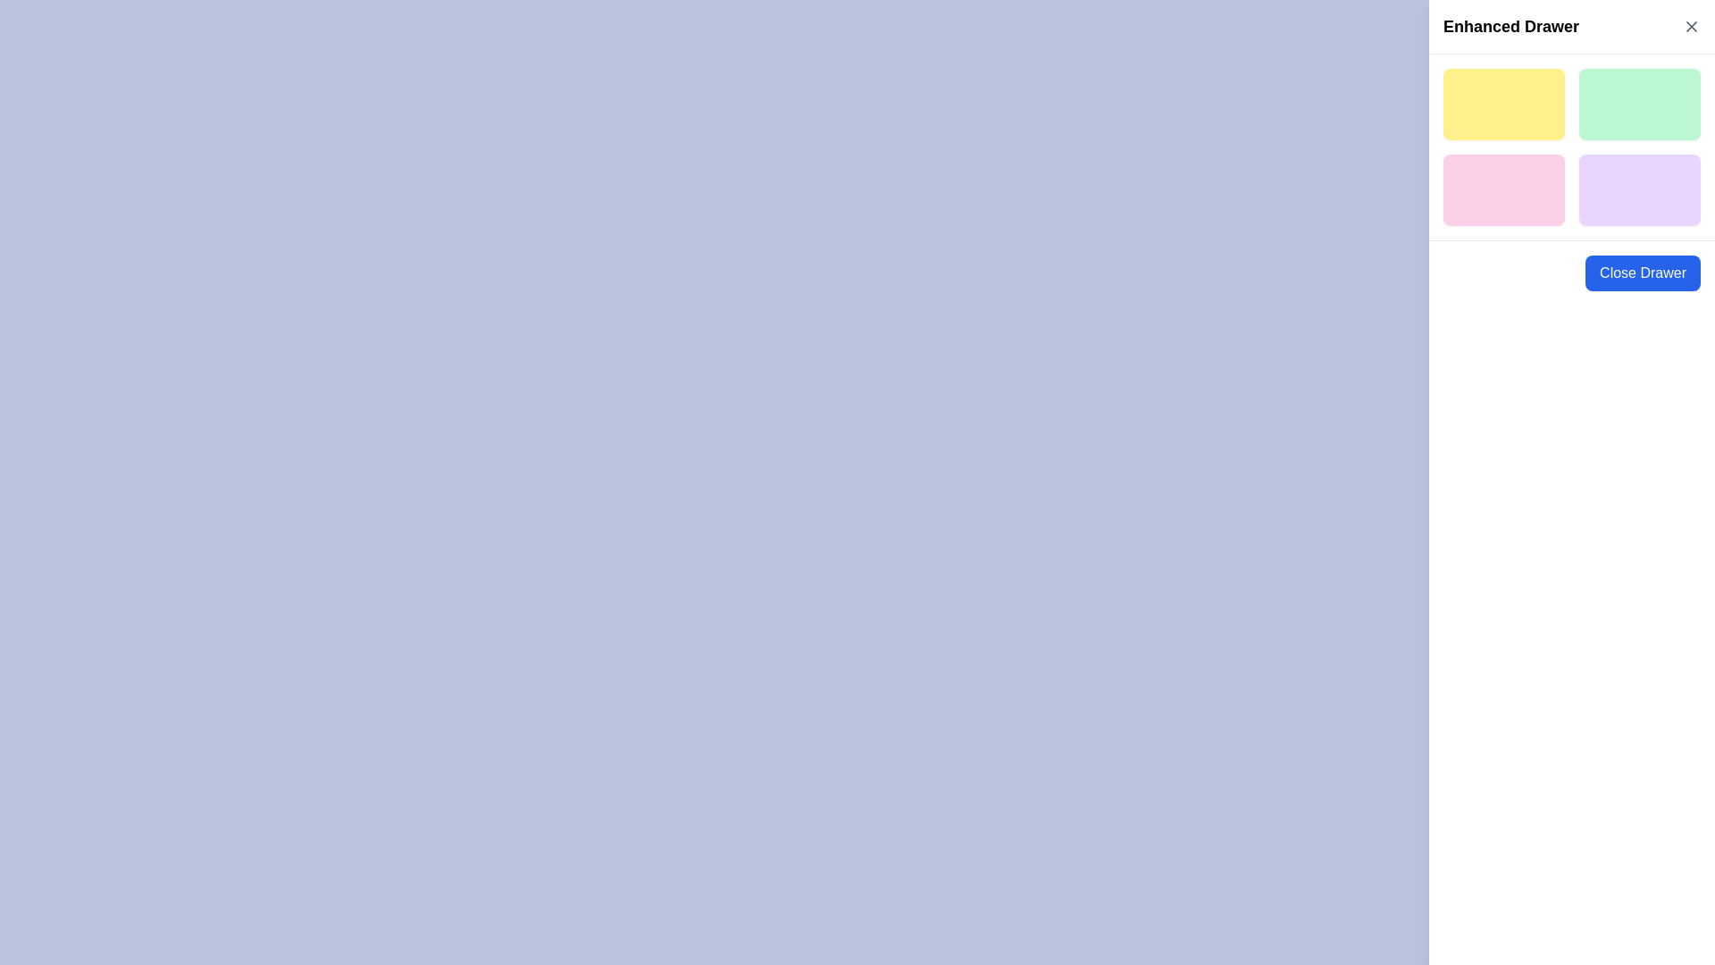 This screenshot has width=1715, height=965. What do you see at coordinates (1643, 273) in the screenshot?
I see `the close button located at the bottom-right of the 'Enhanced Drawer' panel` at bounding box center [1643, 273].